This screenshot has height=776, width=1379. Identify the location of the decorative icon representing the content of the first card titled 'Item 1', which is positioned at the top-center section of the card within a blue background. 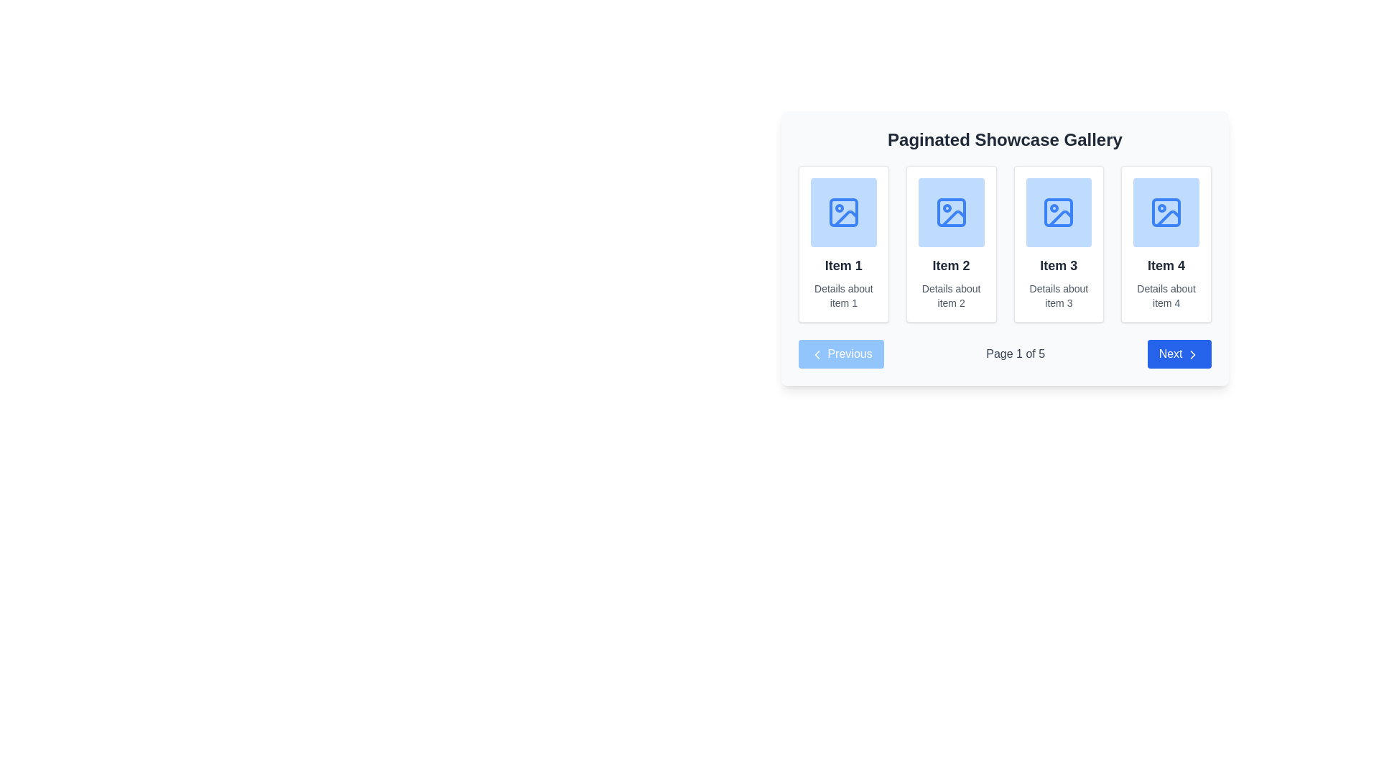
(843, 213).